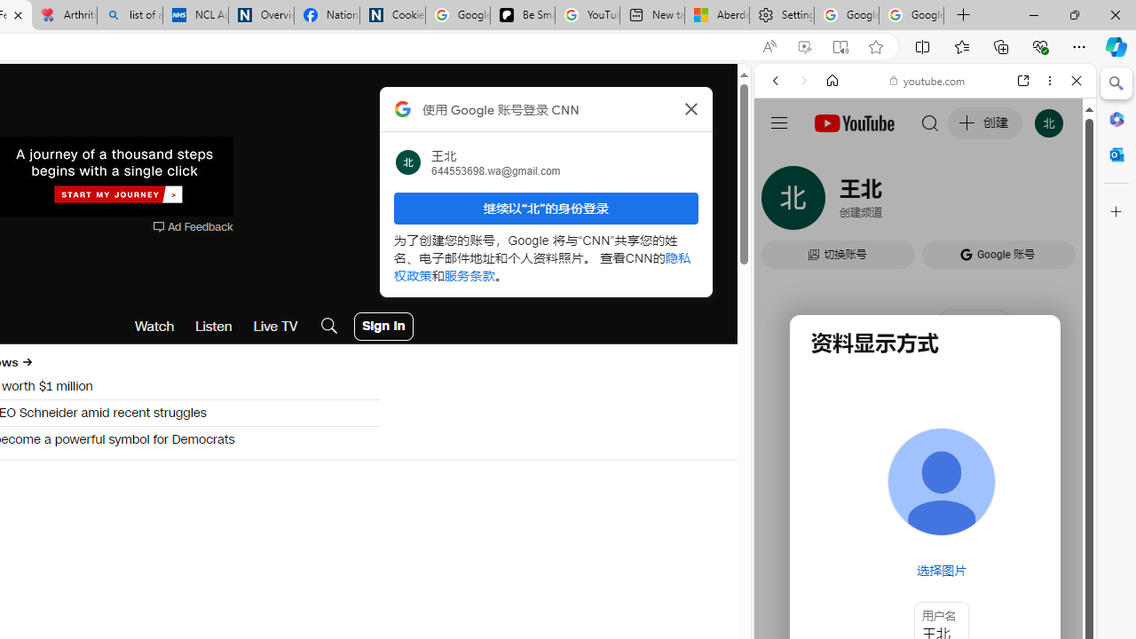 Image resolution: width=1136 pixels, height=639 pixels. I want to click on 'Listen', so click(213, 326).